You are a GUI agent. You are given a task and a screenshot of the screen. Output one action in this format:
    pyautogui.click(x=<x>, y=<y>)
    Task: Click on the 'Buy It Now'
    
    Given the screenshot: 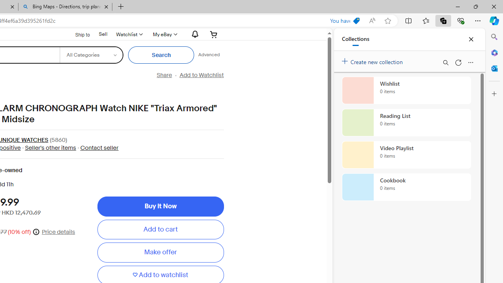 What is the action you would take?
    pyautogui.click(x=160, y=206)
    